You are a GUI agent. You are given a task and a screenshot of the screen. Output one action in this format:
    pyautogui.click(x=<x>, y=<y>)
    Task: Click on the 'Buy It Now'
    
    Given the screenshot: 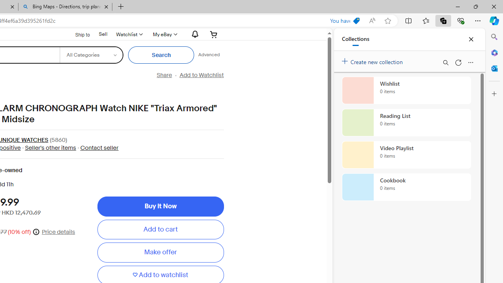 What is the action you would take?
    pyautogui.click(x=160, y=206)
    